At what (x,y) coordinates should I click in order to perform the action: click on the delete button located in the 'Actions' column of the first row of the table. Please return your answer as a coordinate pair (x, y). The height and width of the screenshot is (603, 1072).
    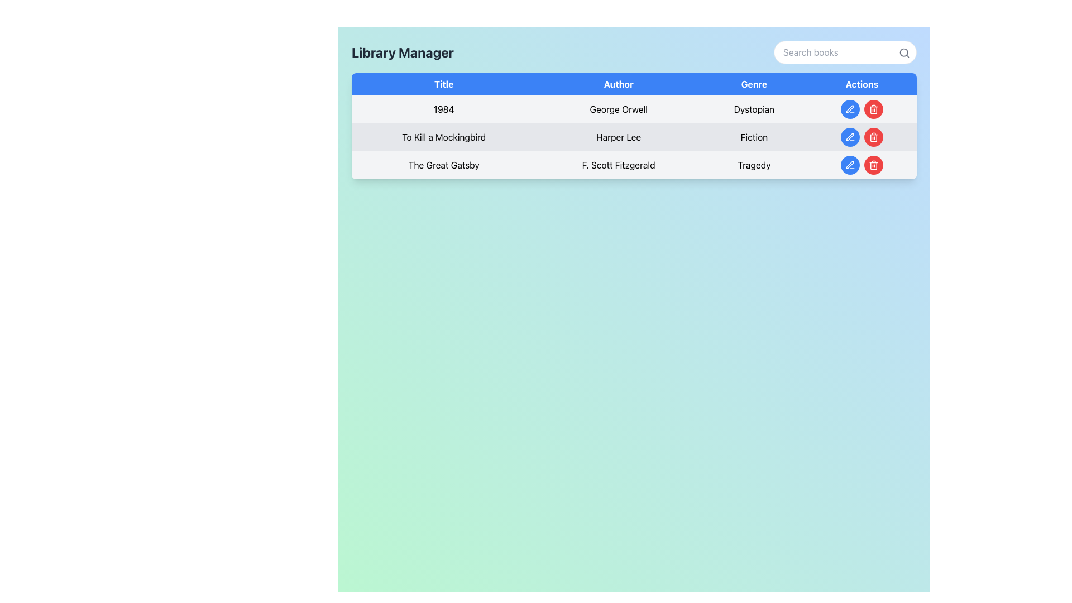
    Looking at the image, I should click on (873, 109).